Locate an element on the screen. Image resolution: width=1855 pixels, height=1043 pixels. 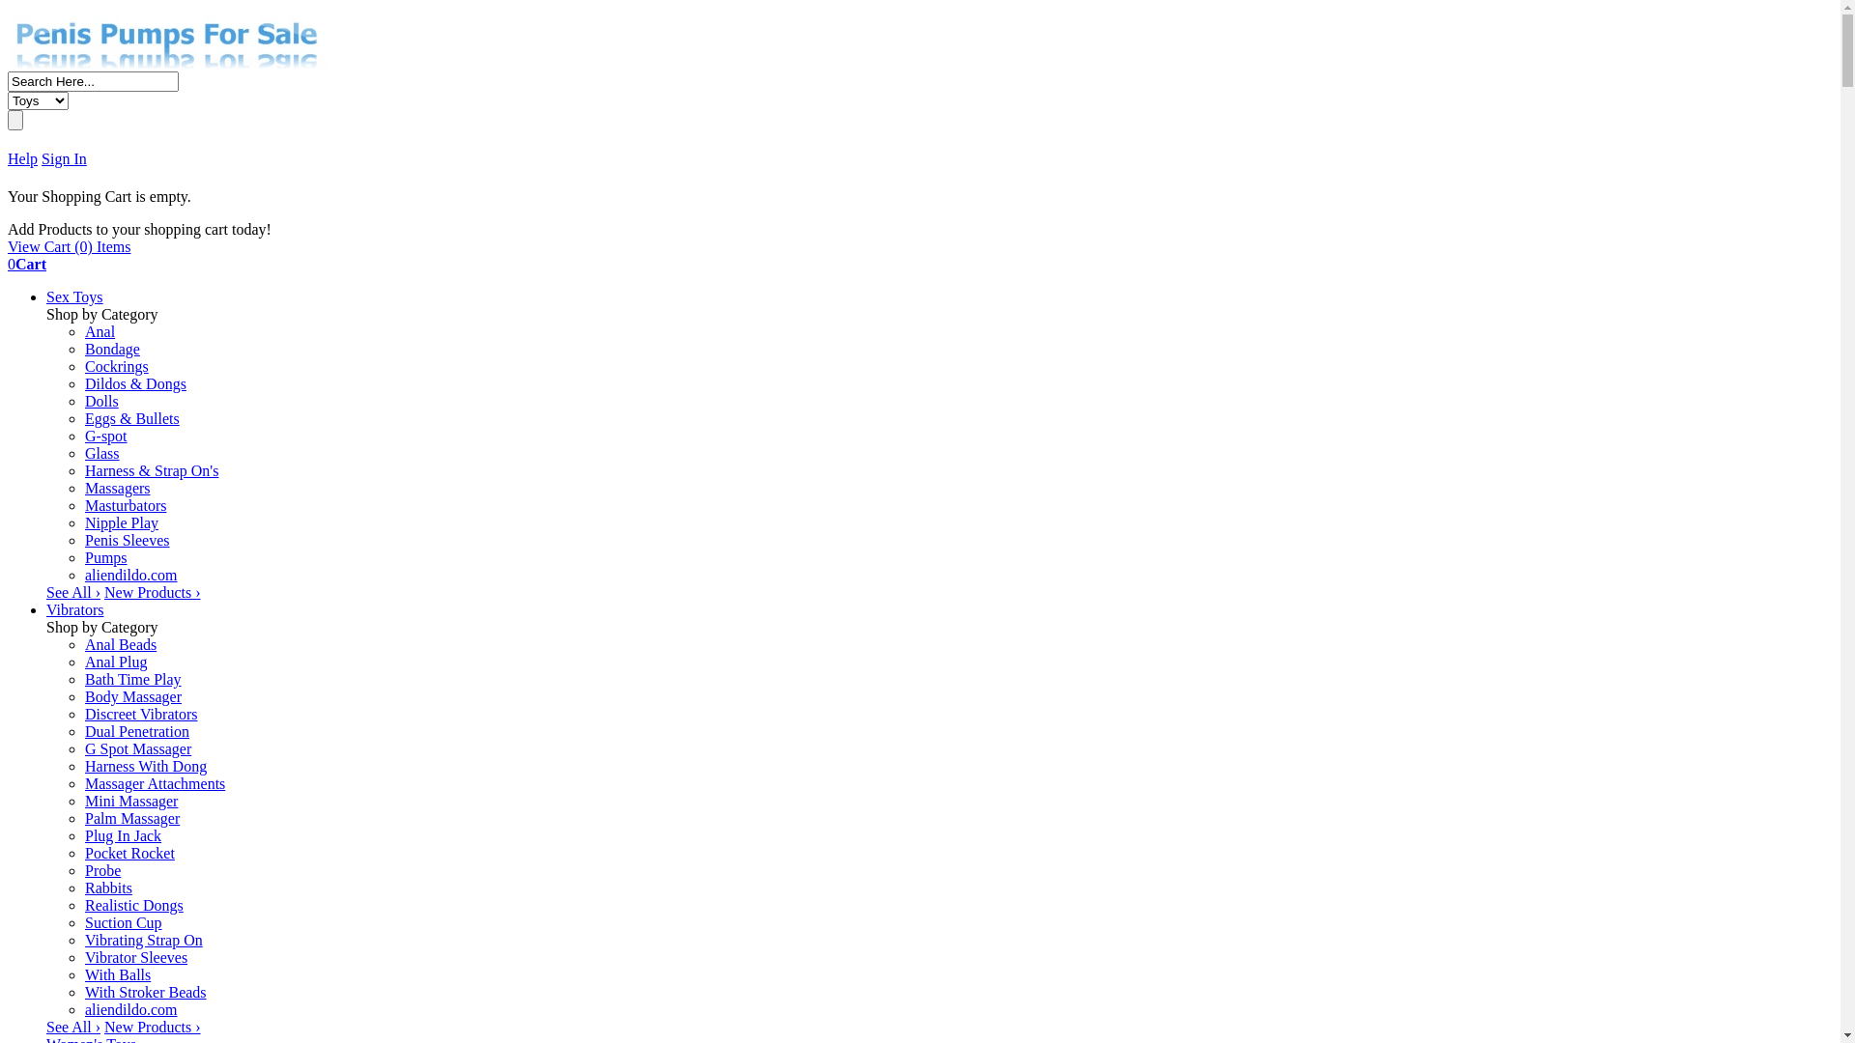
'Massagers' is located at coordinates (116, 487).